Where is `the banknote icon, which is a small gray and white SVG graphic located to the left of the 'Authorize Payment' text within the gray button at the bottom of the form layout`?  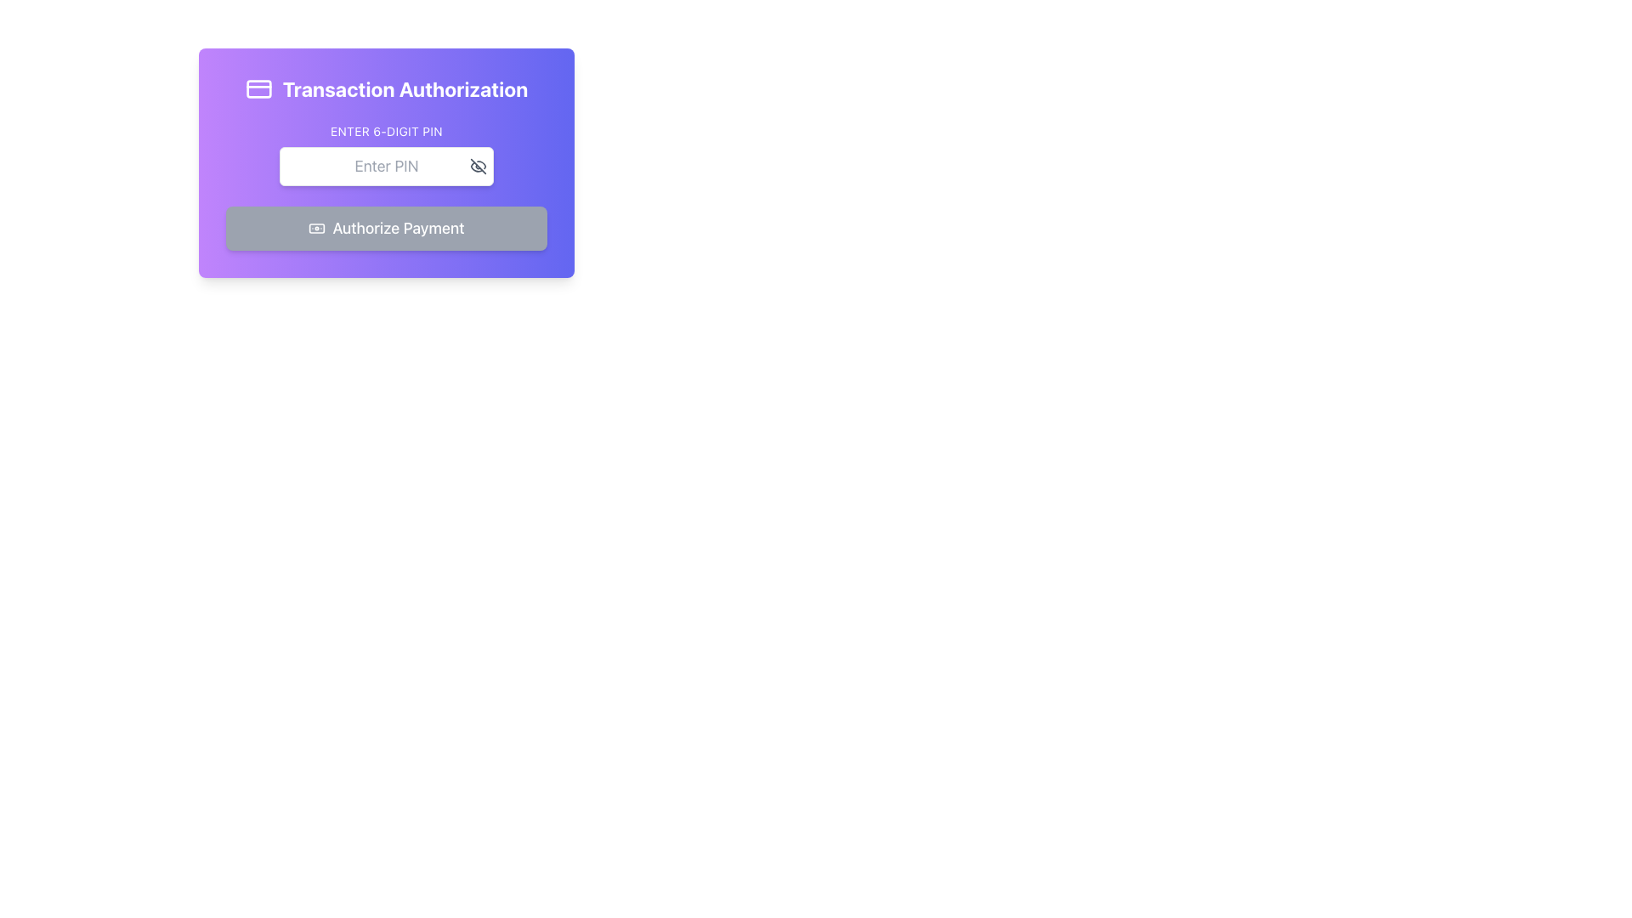
the banknote icon, which is a small gray and white SVG graphic located to the left of the 'Authorize Payment' text within the gray button at the bottom of the form layout is located at coordinates (317, 228).